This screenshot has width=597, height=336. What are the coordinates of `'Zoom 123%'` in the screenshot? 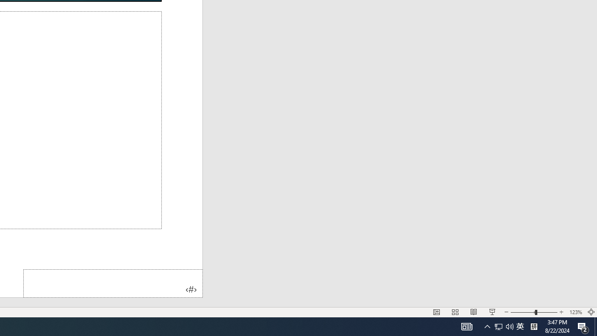 It's located at (575, 312).